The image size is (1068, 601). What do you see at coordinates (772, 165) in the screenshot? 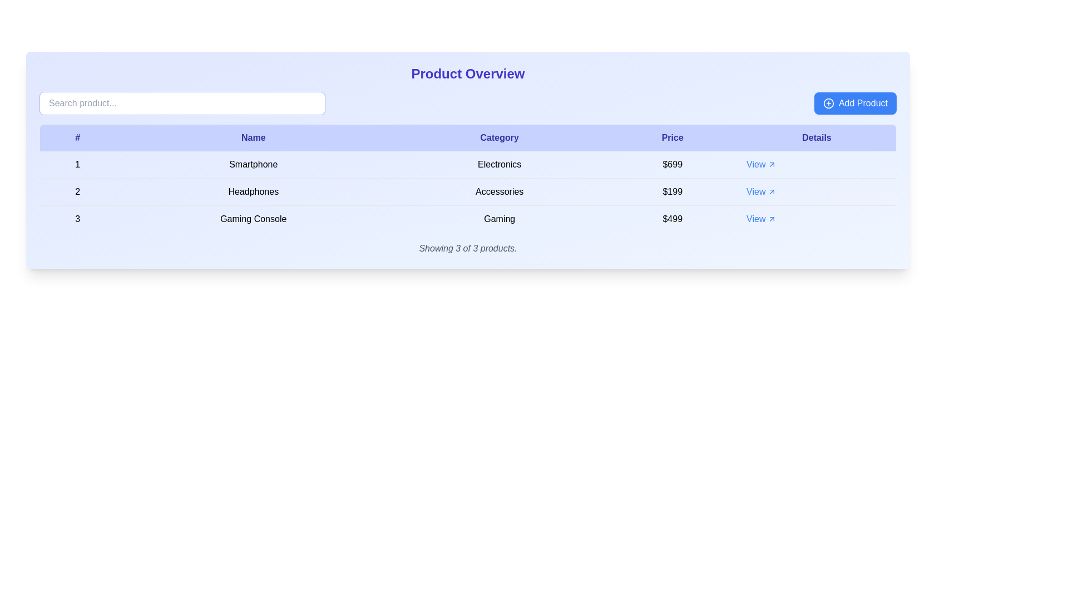
I see `the icon located to the right of the 'View' button in the 'Details' column of the first row of the table` at bounding box center [772, 165].